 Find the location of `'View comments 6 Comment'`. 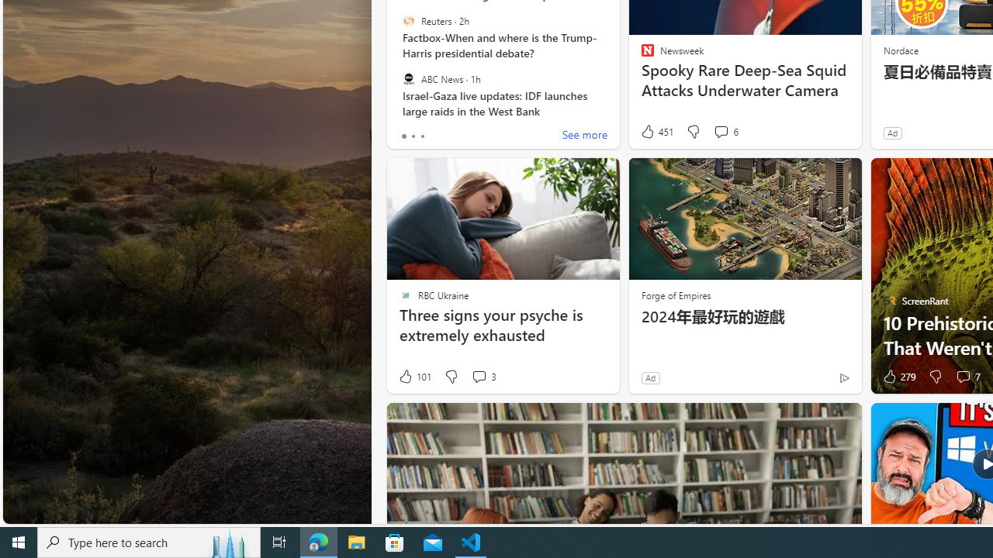

'View comments 6 Comment' is located at coordinates (720, 130).